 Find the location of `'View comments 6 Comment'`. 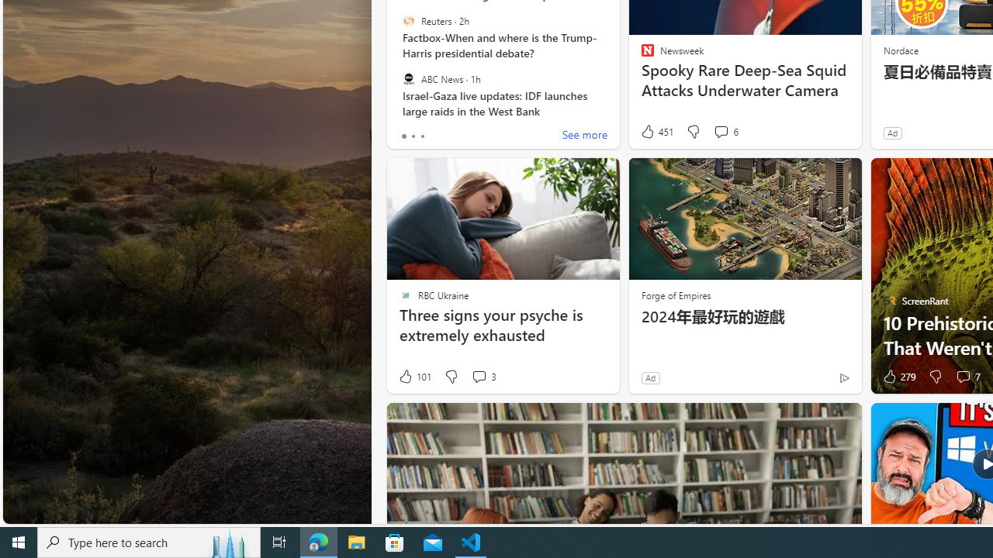

'View comments 6 Comment' is located at coordinates (720, 130).